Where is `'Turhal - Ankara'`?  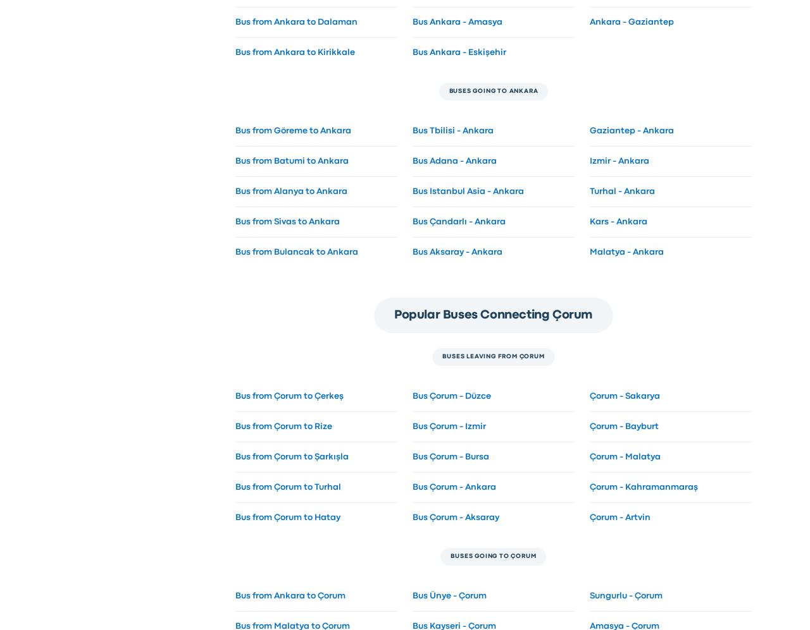 'Turhal - Ankara' is located at coordinates (621, 190).